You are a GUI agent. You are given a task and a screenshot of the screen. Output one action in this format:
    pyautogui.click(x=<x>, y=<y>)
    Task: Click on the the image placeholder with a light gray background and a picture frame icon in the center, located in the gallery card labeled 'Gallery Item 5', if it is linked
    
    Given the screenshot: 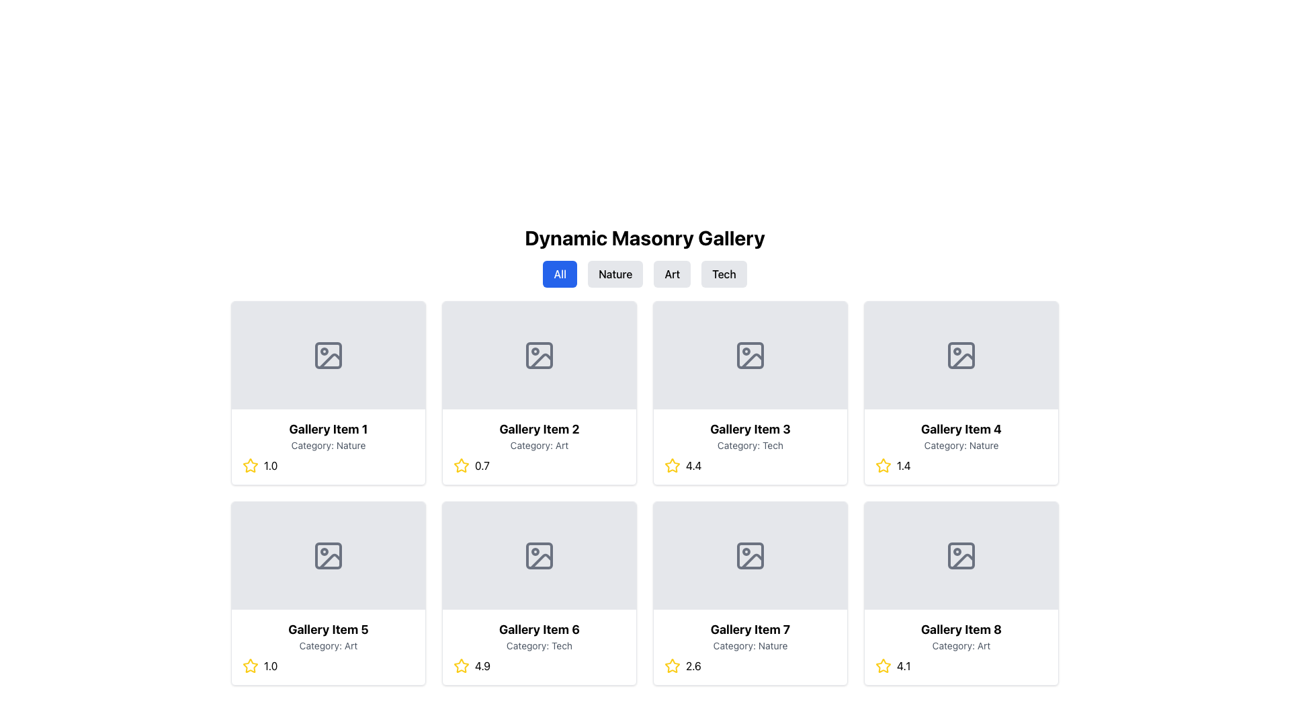 What is the action you would take?
    pyautogui.click(x=329, y=555)
    